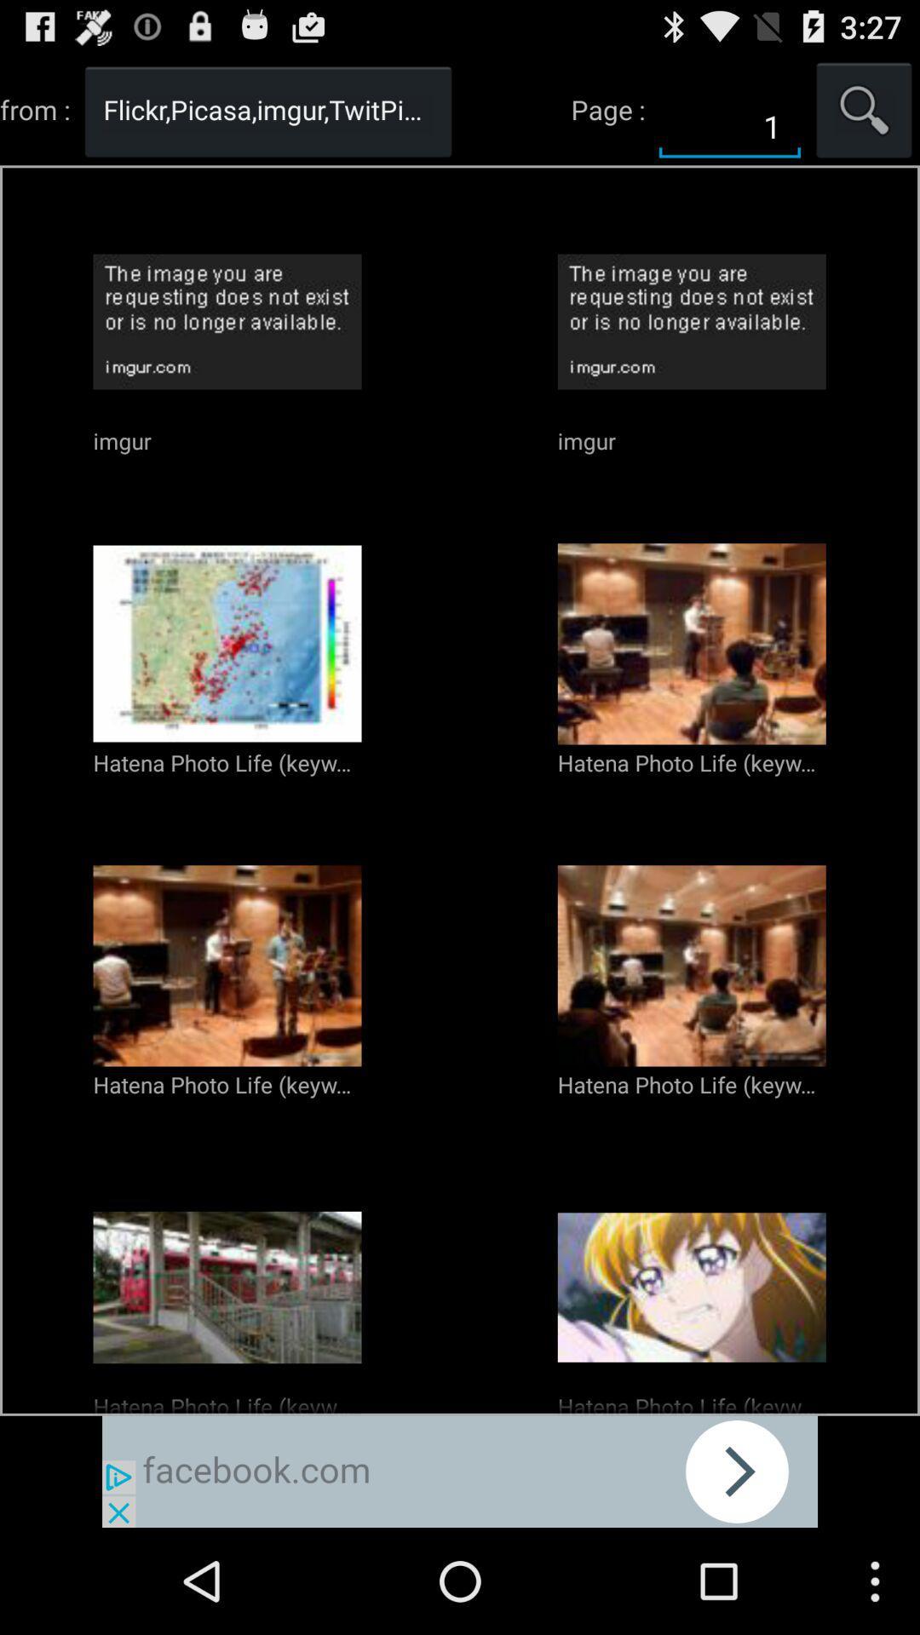 The width and height of the screenshot is (920, 1635). What do you see at coordinates (864, 108) in the screenshot?
I see `search` at bounding box center [864, 108].